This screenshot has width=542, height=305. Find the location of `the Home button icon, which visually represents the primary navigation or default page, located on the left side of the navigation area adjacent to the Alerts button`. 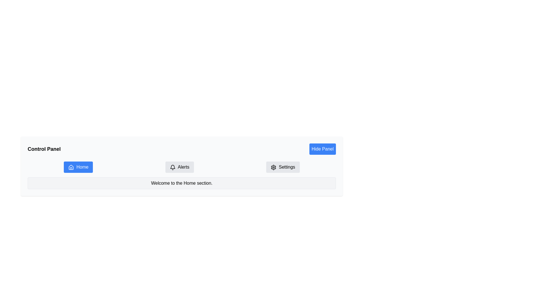

the Home button icon, which visually represents the primary navigation or default page, located on the left side of the navigation area adjacent to the Alerts button is located at coordinates (71, 167).